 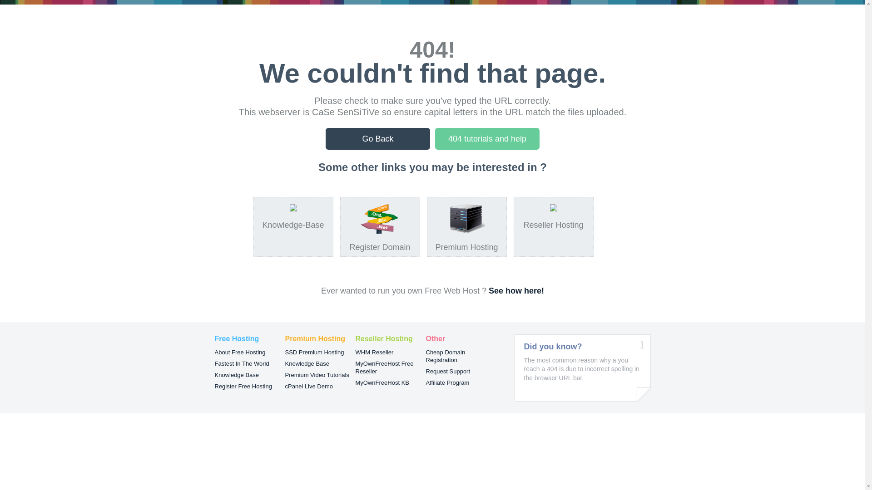 What do you see at coordinates (488, 290) in the screenshot?
I see `'See how here!'` at bounding box center [488, 290].